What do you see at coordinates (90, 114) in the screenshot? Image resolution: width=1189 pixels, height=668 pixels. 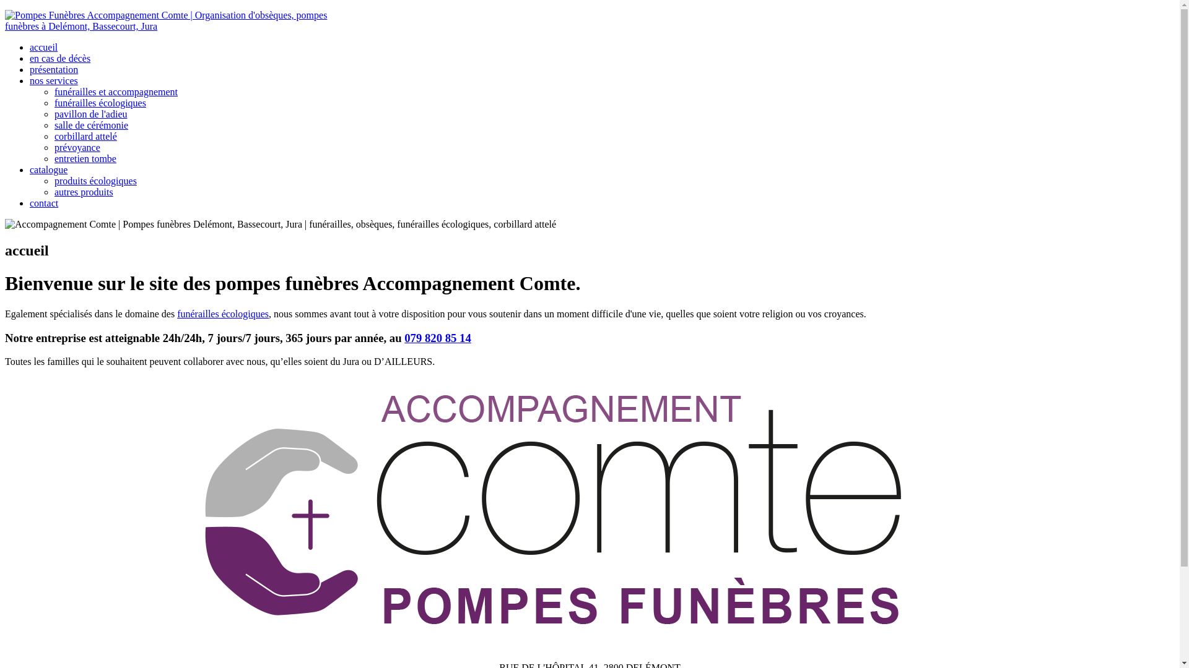 I see `'pavillon de l'adieu'` at bounding box center [90, 114].